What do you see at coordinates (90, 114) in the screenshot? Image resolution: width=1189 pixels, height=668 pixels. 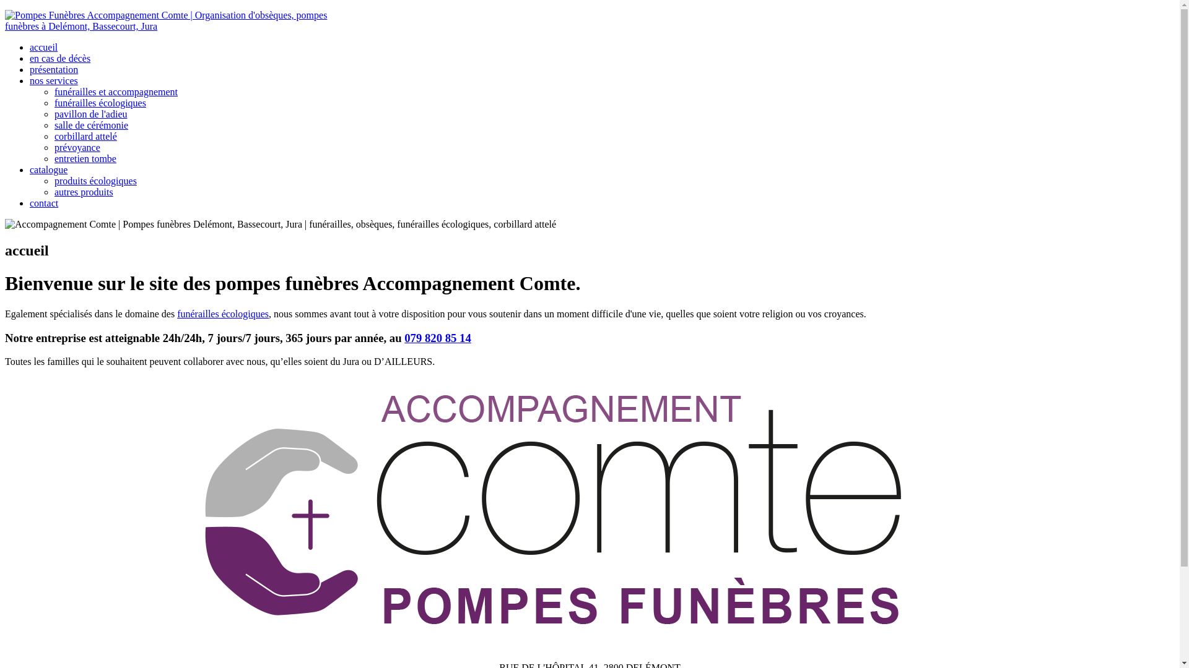 I see `'pavillon de l'adieu'` at bounding box center [90, 114].